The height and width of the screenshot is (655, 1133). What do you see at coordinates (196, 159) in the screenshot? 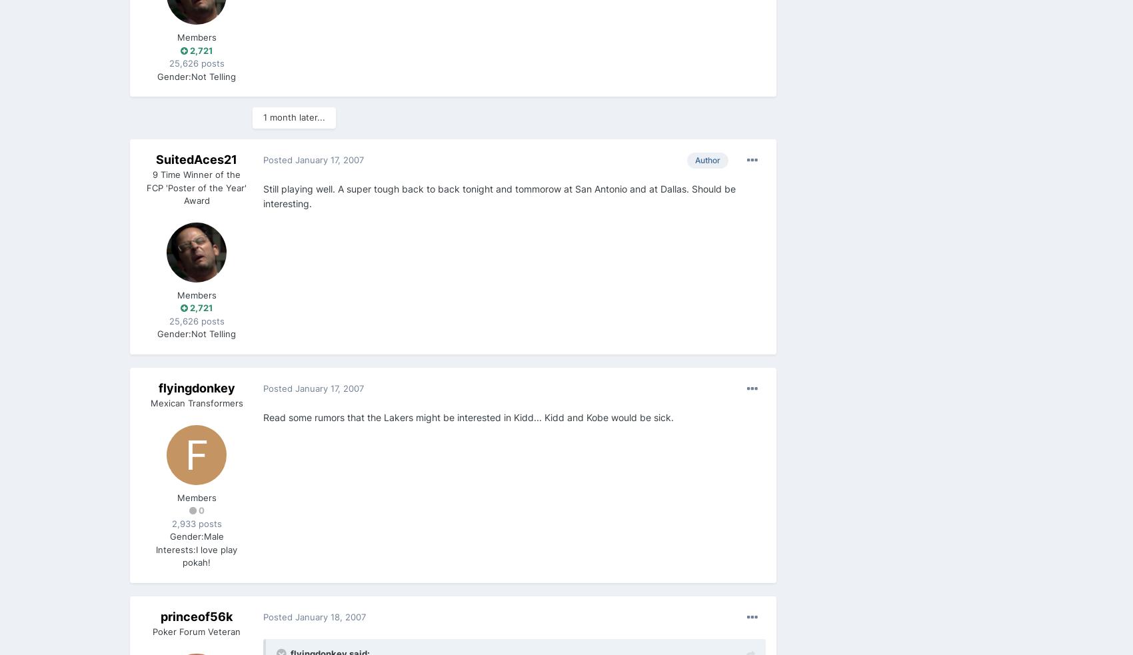
I see `'SuitedAces21'` at bounding box center [196, 159].